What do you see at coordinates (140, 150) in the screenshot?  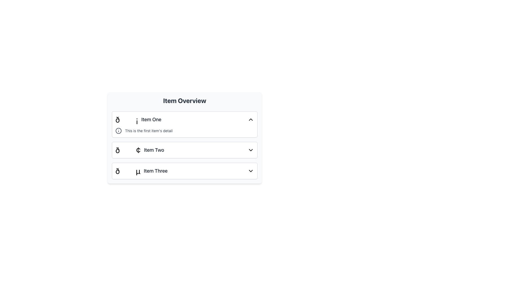 I see `the list item 'Item Two'` at bounding box center [140, 150].